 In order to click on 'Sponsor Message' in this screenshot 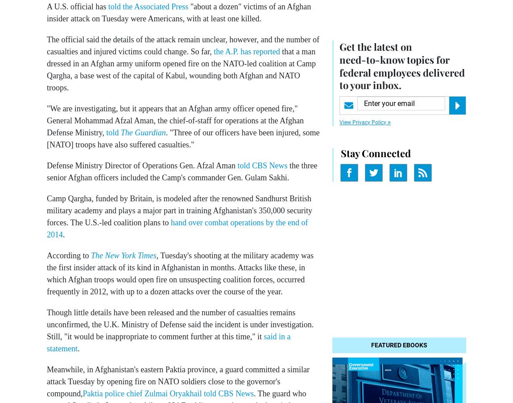, I will do `click(399, 204)`.